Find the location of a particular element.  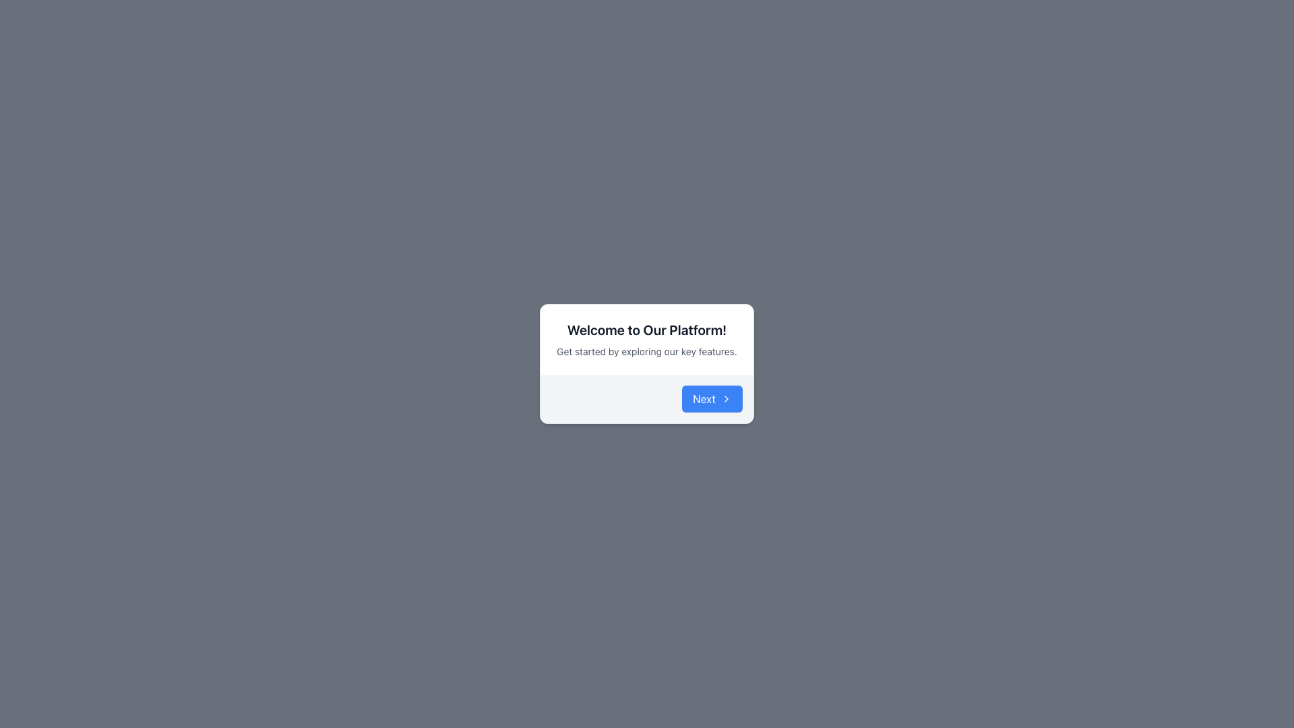

the right-facing chevron arrow icon located on the 'Next' button with a blue background and rounded borders is located at coordinates (725, 398).